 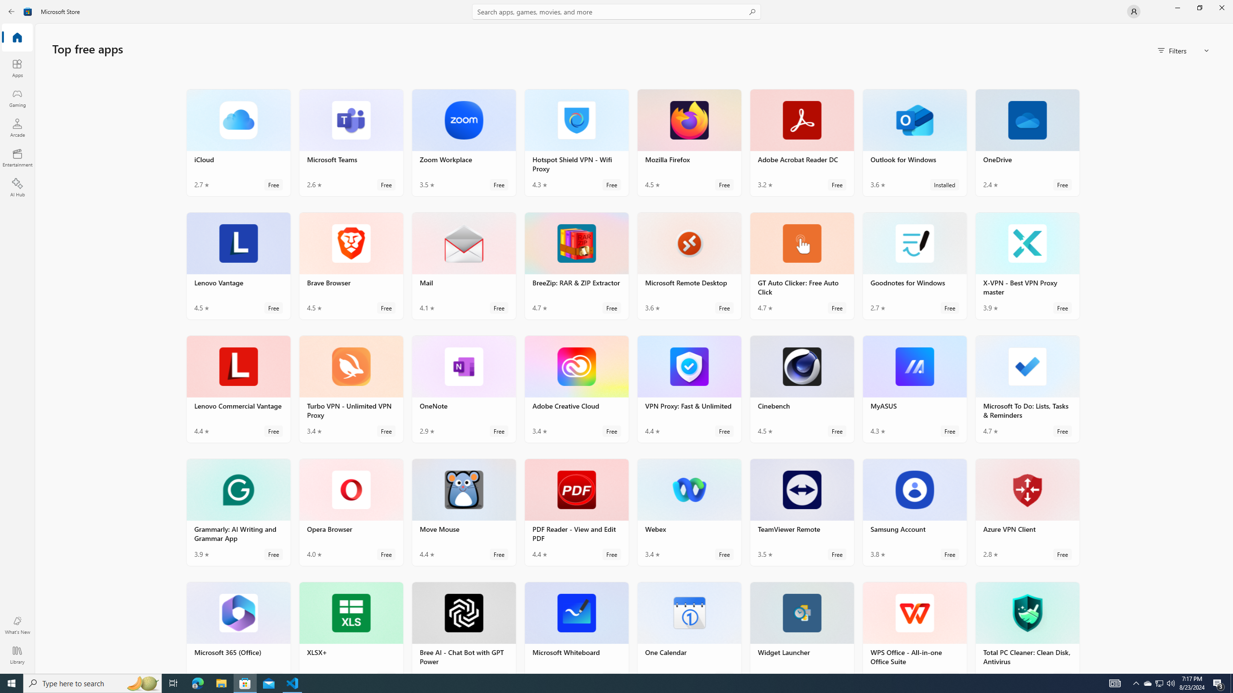 I want to click on 'Apps', so click(x=16, y=68).